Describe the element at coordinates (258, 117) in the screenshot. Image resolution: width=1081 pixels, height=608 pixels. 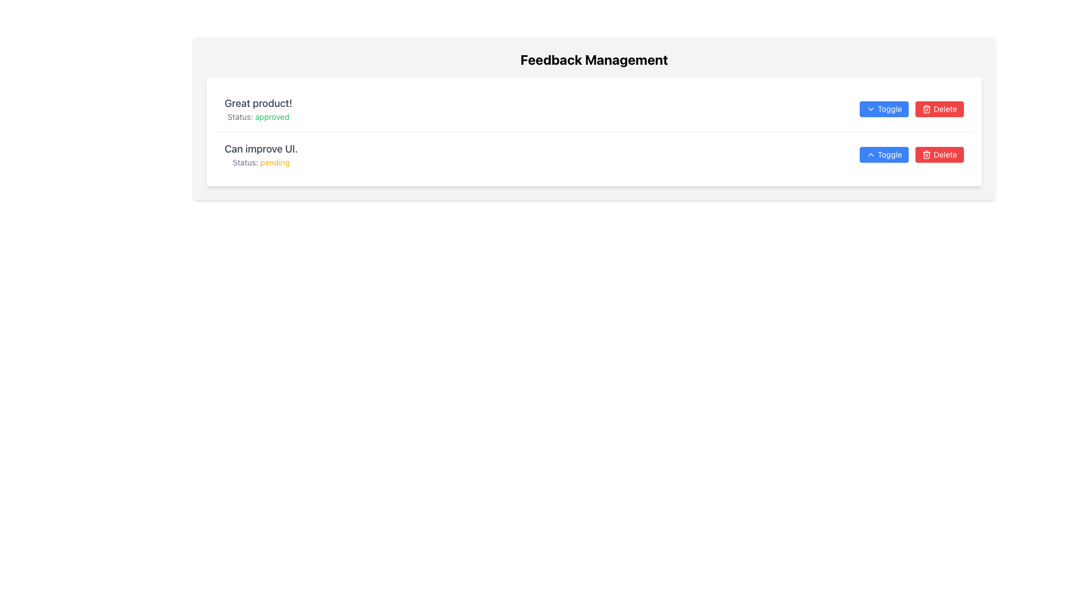
I see `text element displaying 'Status: approved' which is highlighted in green and located below the text 'Great product!'` at that location.